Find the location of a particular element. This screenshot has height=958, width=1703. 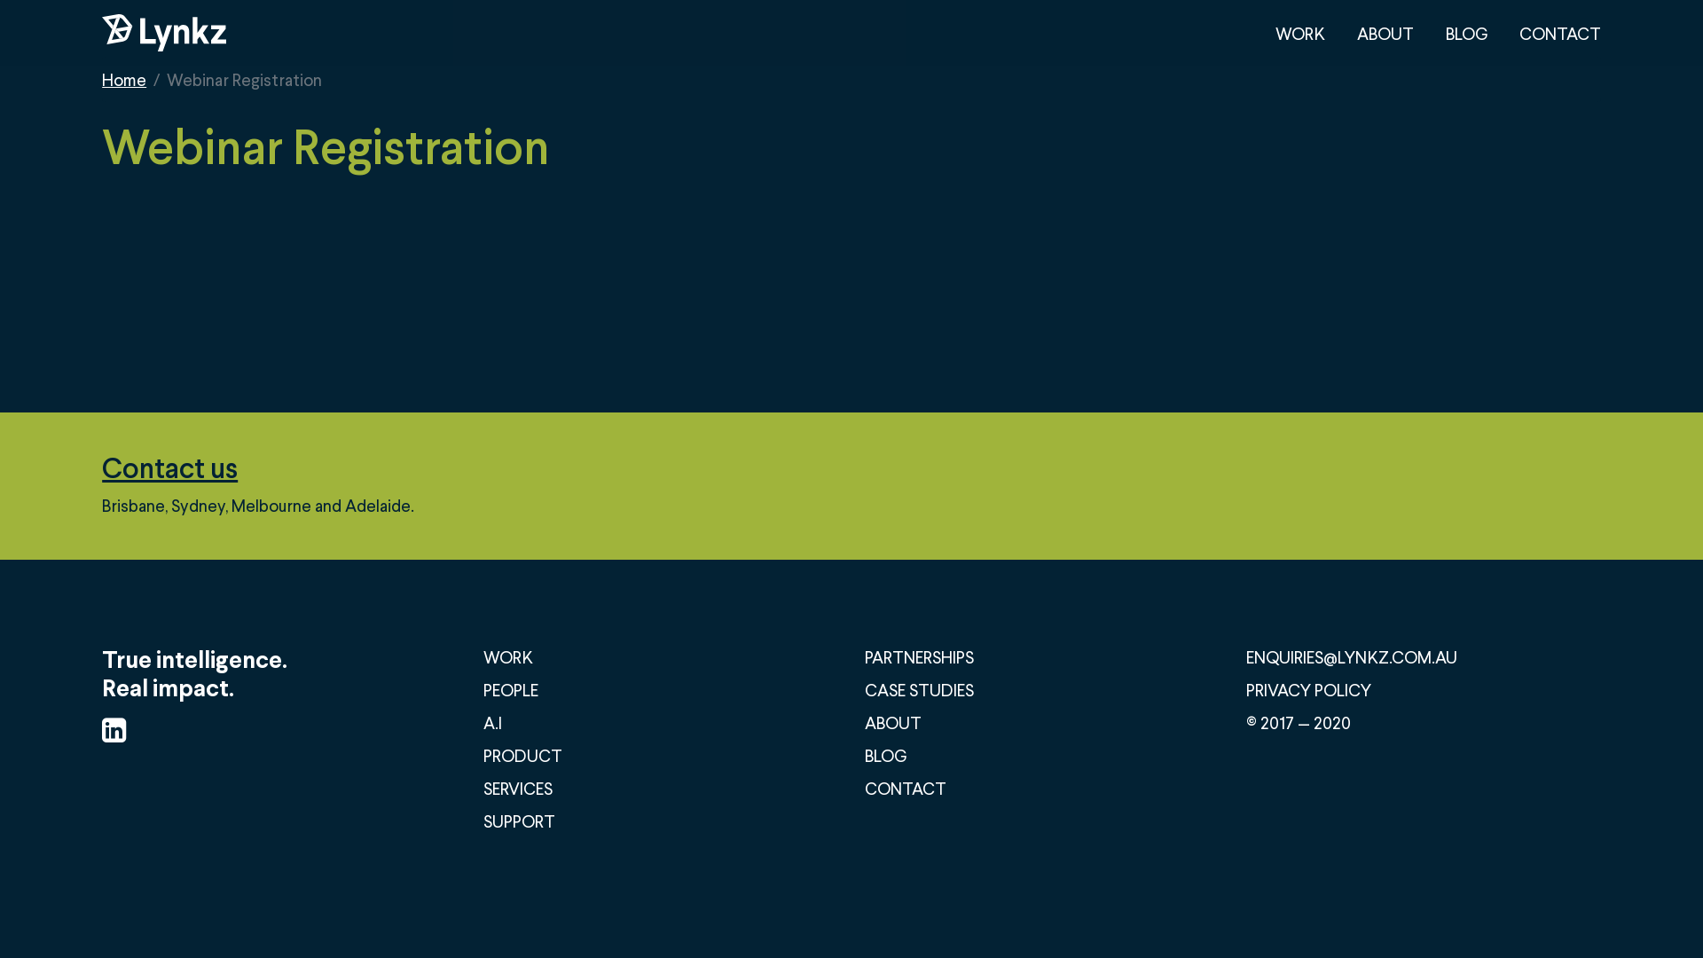

'SUPPORT' is located at coordinates (518, 821).